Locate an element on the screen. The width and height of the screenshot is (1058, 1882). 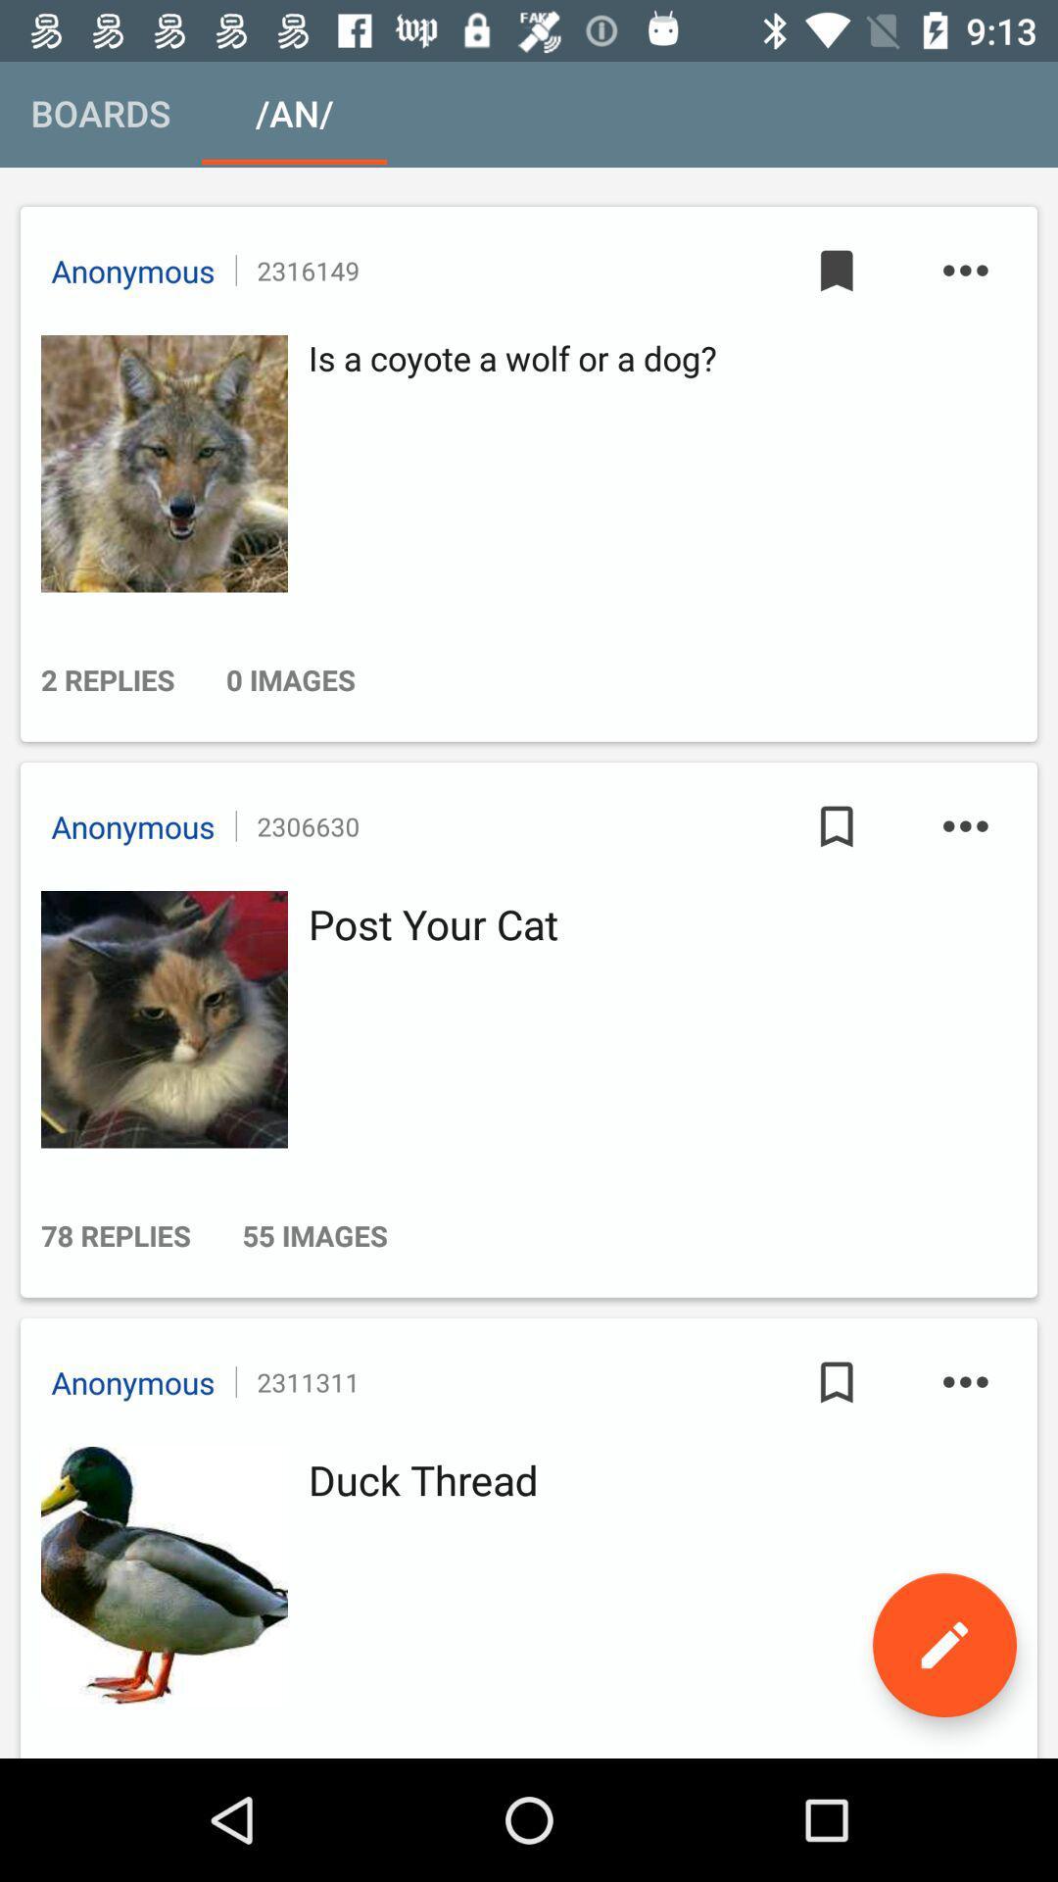
item to the right of the is a coyote icon is located at coordinates (837, 270).